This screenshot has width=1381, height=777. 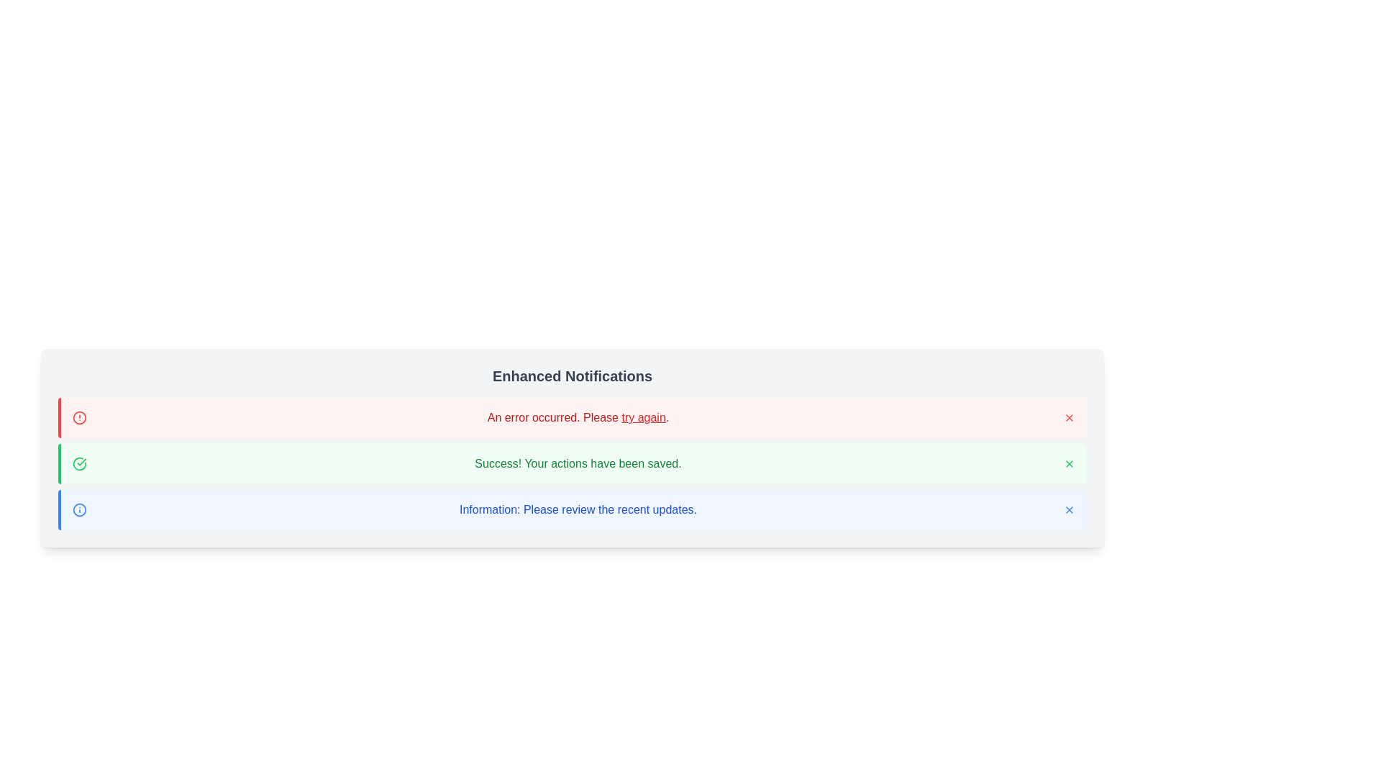 What do you see at coordinates (572, 509) in the screenshot?
I see `the fourth notification box under the 'Enhanced Notifications' header, which has a blue left border, light blue background, and contains the text 'Information: Please review the recent updates.'` at bounding box center [572, 509].